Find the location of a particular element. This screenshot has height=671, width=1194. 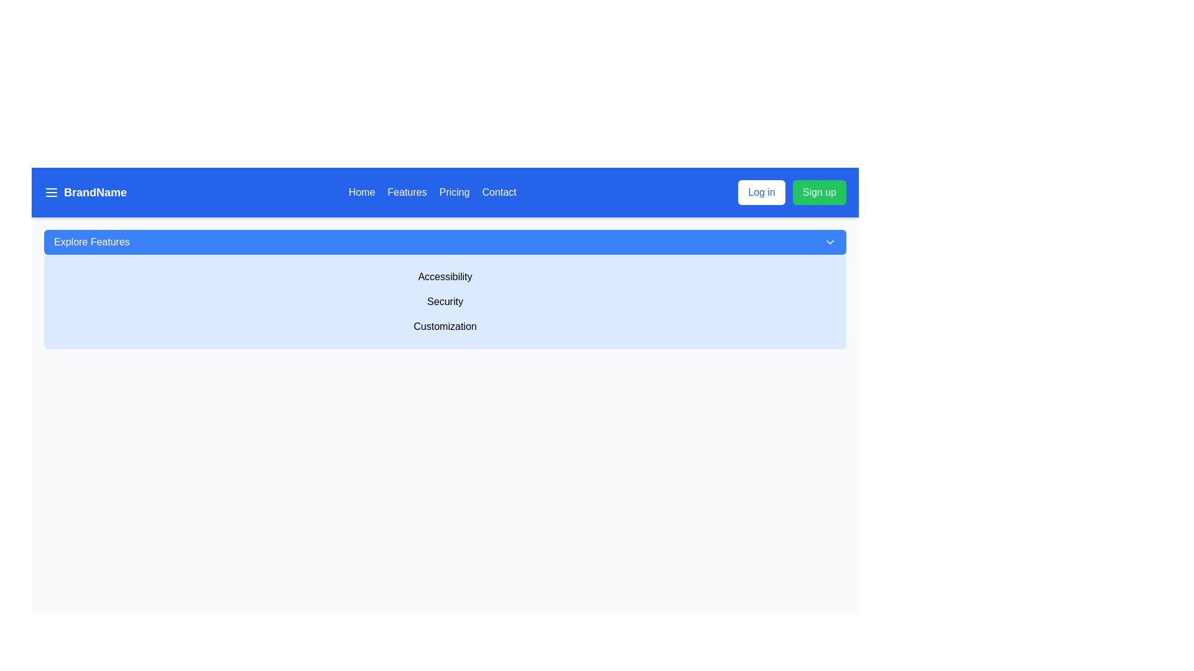

the 'Customization' text label, which is the last element in a vertical list and located below the 'Security' element is located at coordinates (445, 326).